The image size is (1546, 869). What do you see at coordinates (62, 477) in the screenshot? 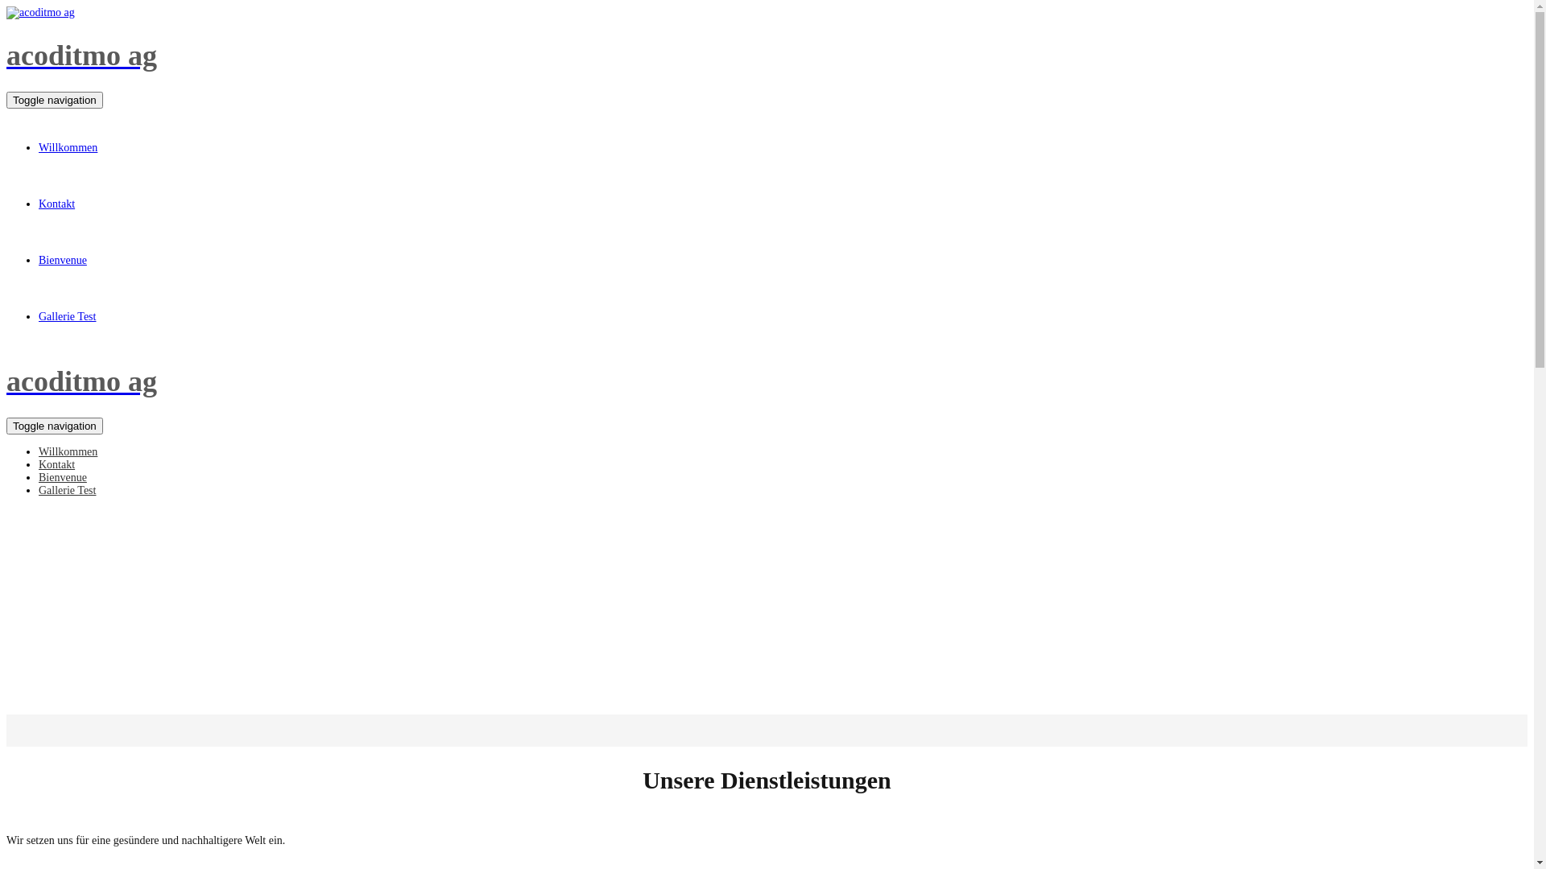
I see `'Bienvenue'` at bounding box center [62, 477].